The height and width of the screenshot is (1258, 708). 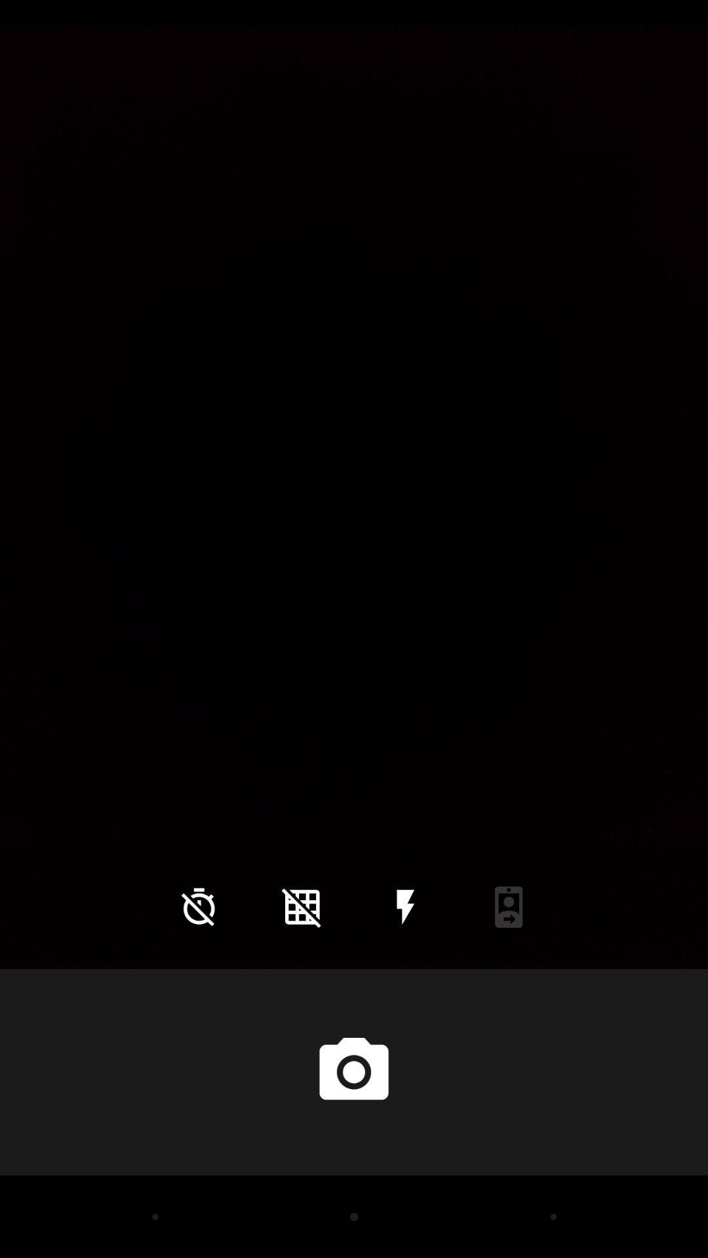 I want to click on icon at the bottom right corner, so click(x=508, y=906).